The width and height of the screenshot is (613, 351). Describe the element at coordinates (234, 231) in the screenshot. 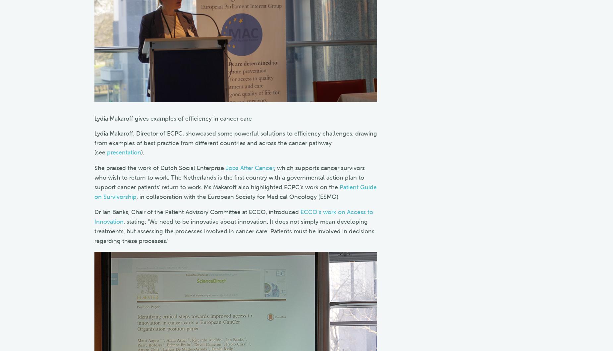

I see `', stating: ‘We need to be innovative about innovation. It does not simply mean developing treatments, but assessing the processes involved in cancer care. Patients must be involved in decisions regarding these processes.’'` at that location.